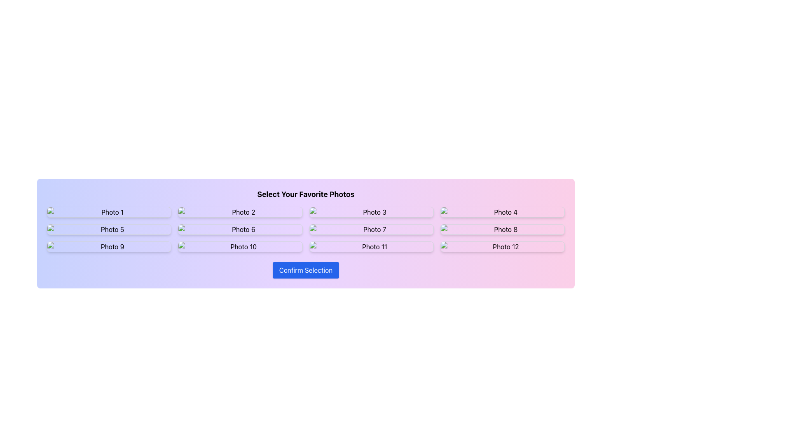 This screenshot has height=445, width=791. What do you see at coordinates (240, 246) in the screenshot?
I see `the selectable photo thumbnail located` at bounding box center [240, 246].